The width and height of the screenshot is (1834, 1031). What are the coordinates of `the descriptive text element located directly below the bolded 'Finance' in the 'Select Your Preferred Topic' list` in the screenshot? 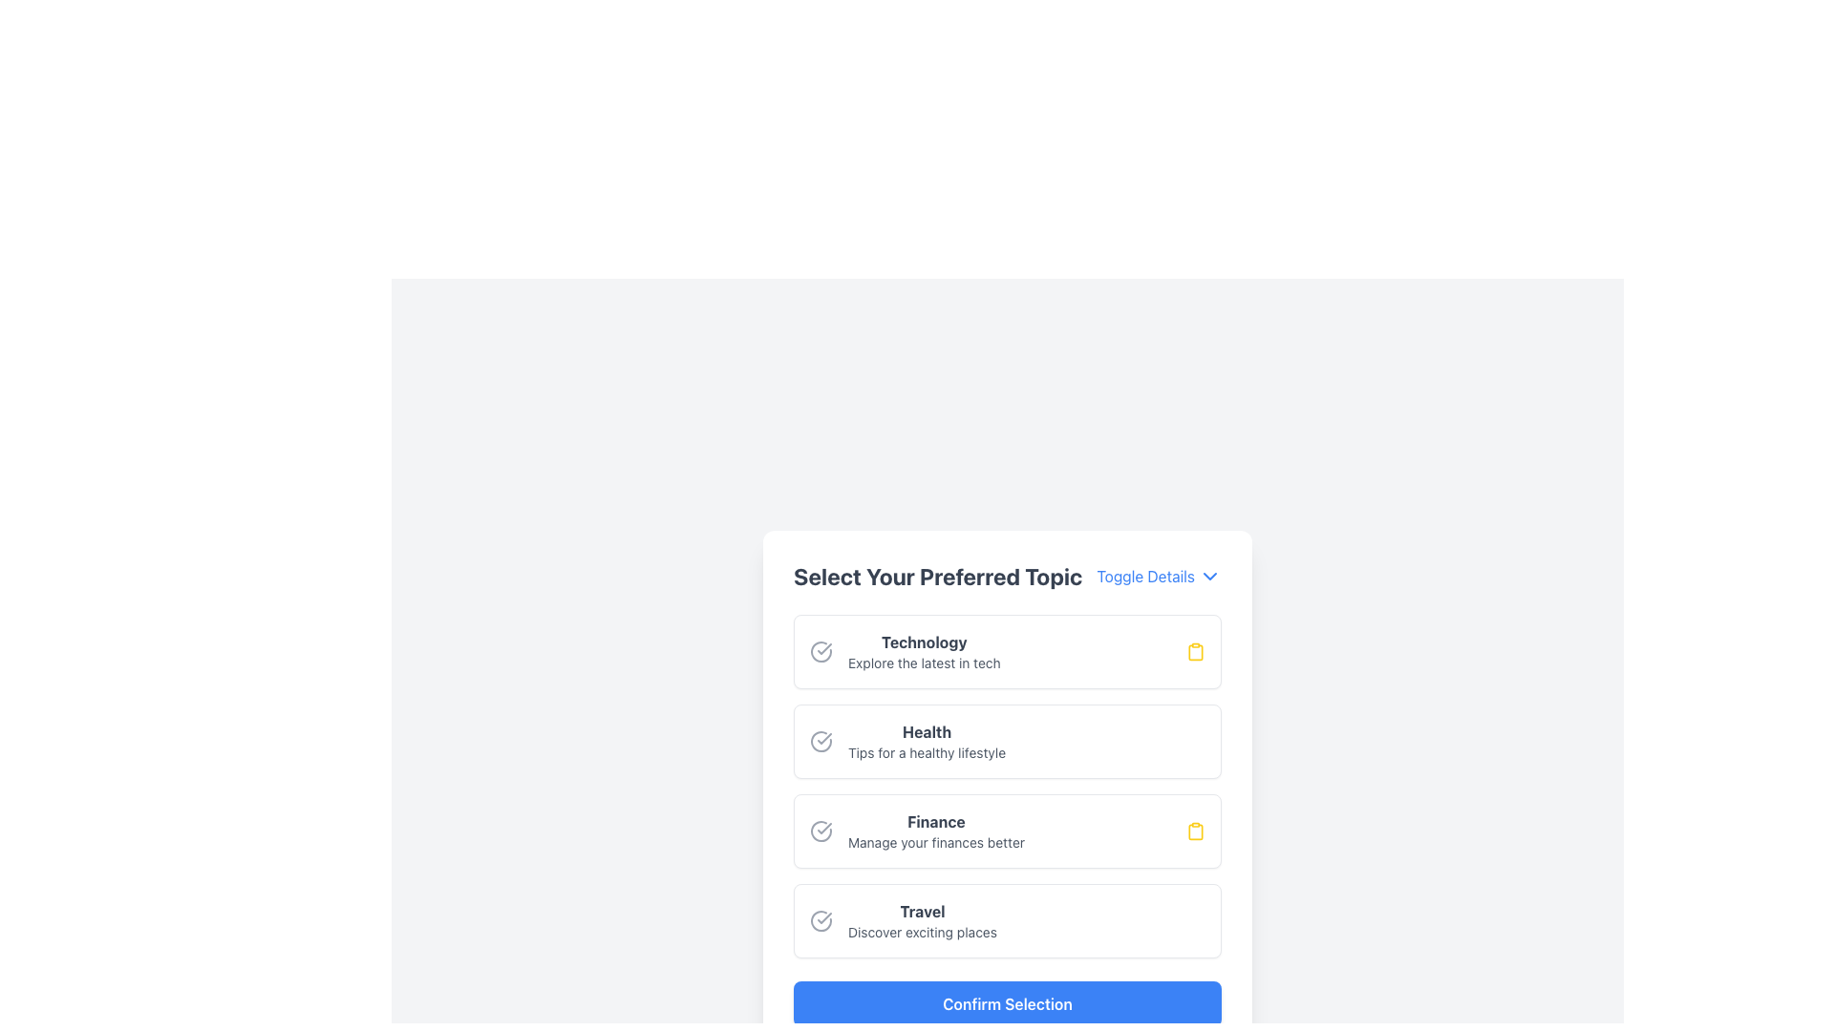 It's located at (936, 842).